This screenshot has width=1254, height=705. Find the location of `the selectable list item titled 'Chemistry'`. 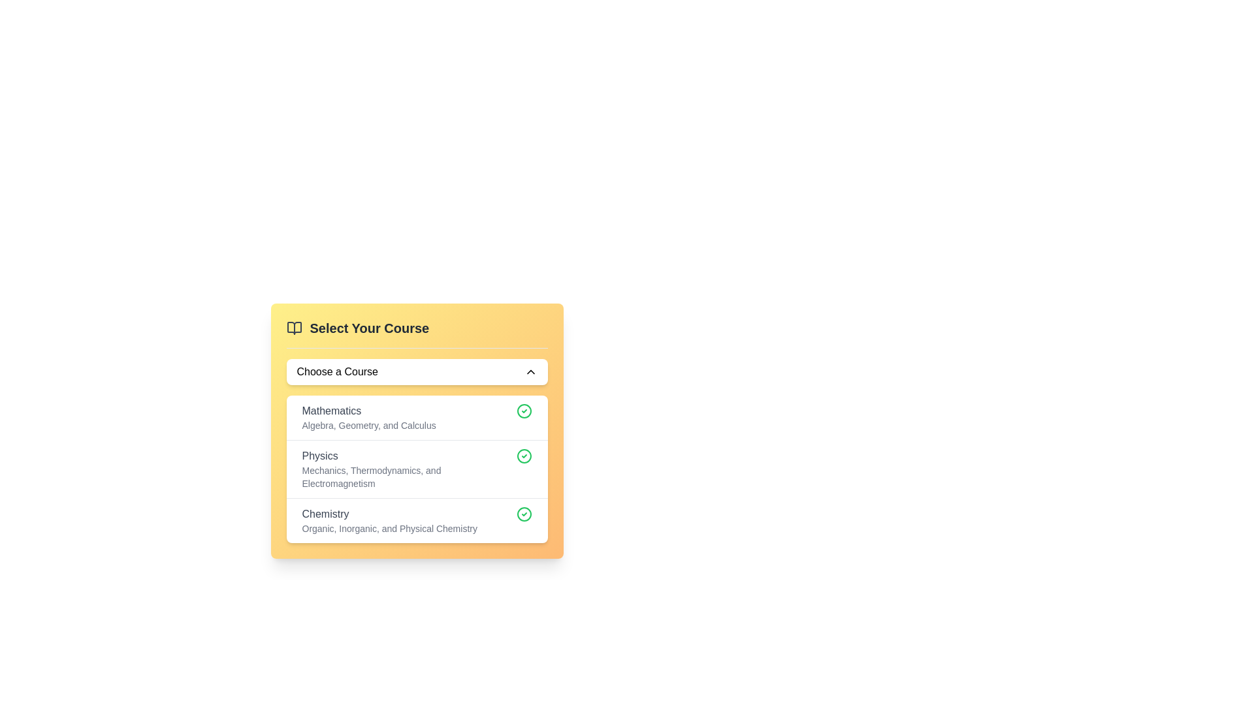

the selectable list item titled 'Chemistry' is located at coordinates (416, 520).